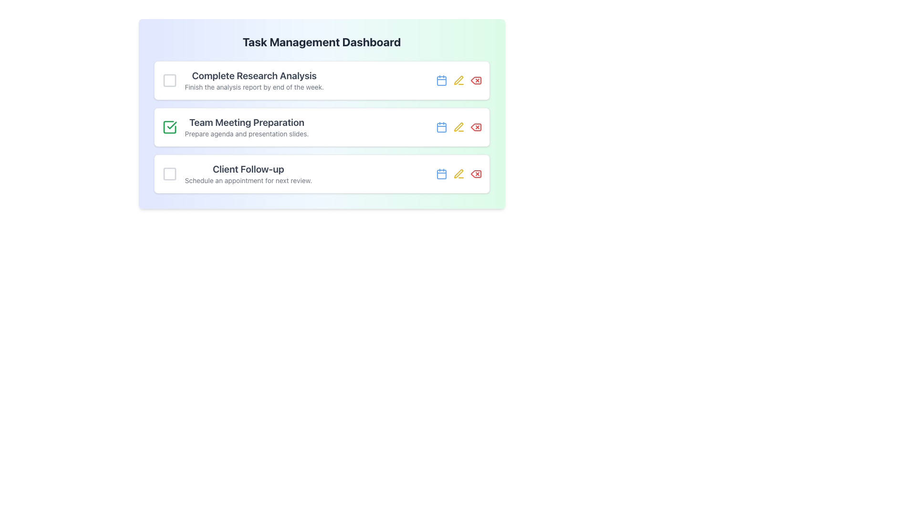 The image size is (916, 515). I want to click on the green checkmark icon in the task card titled 'Team Meeting Preparation' to indicate completion status, so click(169, 126).